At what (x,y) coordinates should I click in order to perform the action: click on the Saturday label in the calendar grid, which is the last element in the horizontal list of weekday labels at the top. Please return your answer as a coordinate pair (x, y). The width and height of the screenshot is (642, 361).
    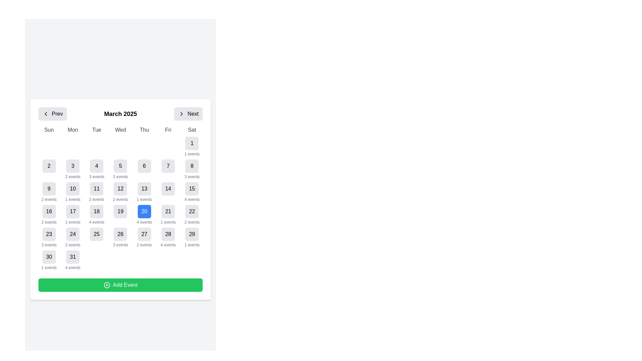
    Looking at the image, I should click on (192, 130).